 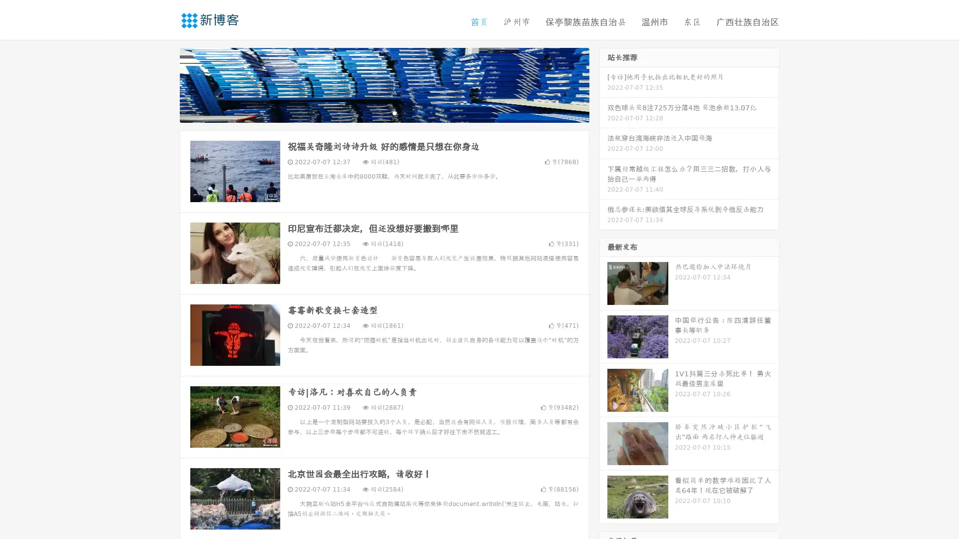 I want to click on Go to slide 2, so click(x=384, y=112).